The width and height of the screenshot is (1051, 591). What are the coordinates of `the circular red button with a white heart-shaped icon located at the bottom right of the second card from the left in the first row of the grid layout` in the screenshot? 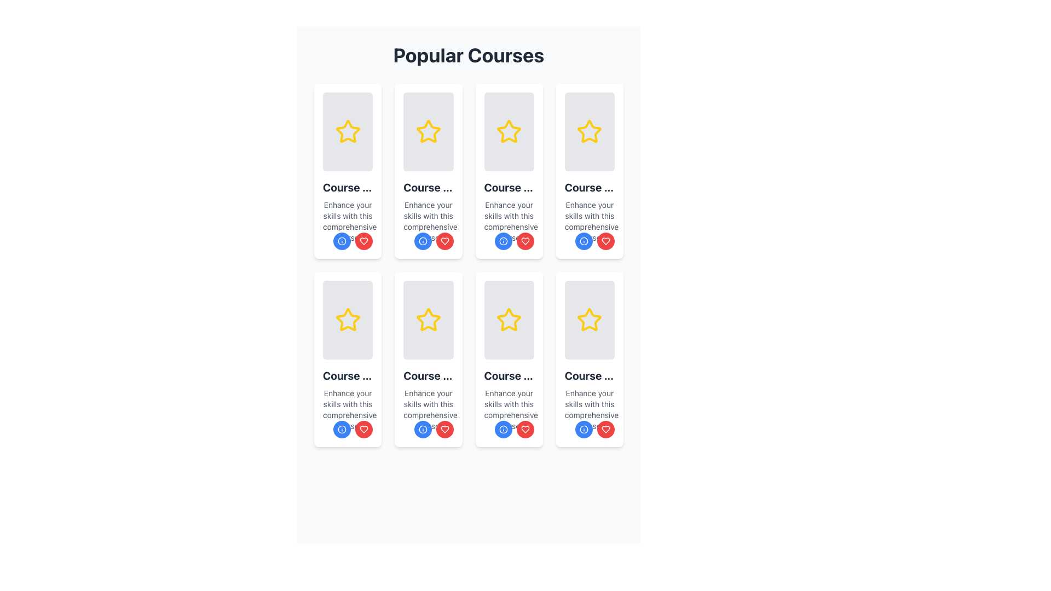 It's located at (444, 240).